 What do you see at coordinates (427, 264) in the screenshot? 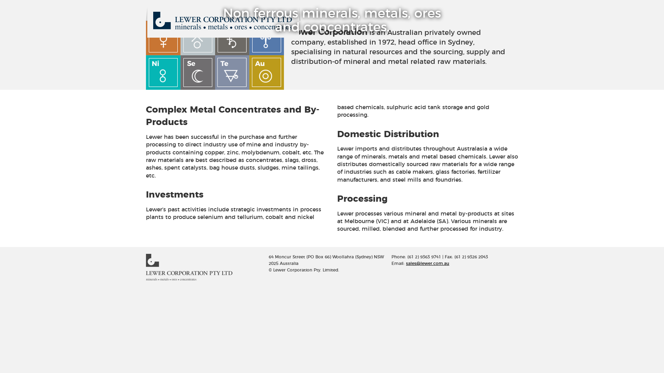
I see `'sales@lewer.com.au'` at bounding box center [427, 264].